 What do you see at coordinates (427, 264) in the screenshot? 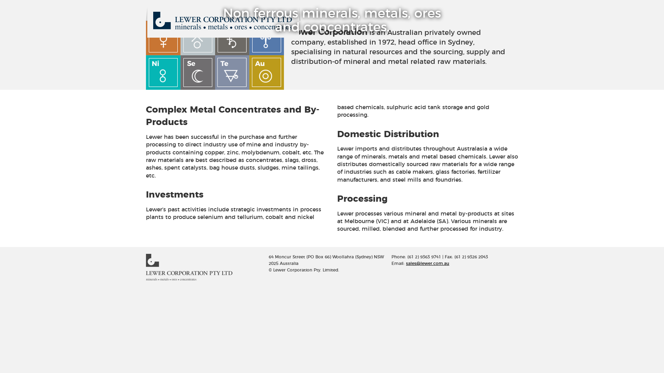
I see `'sales@lewer.com.au'` at bounding box center [427, 264].